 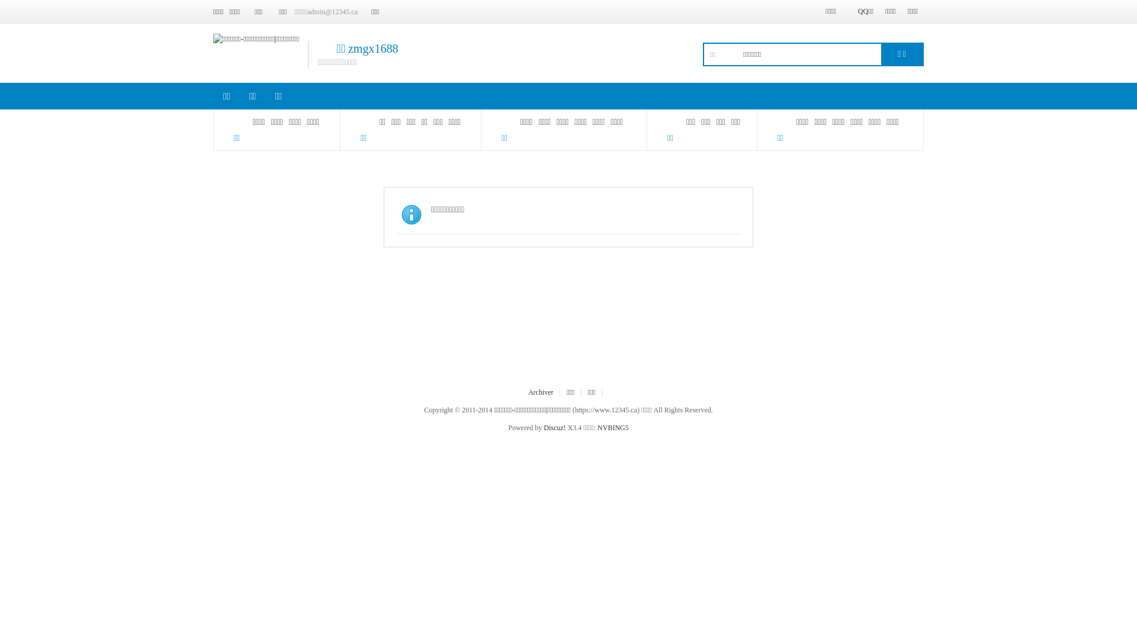 What do you see at coordinates (540, 392) in the screenshot?
I see `'Archiver'` at bounding box center [540, 392].